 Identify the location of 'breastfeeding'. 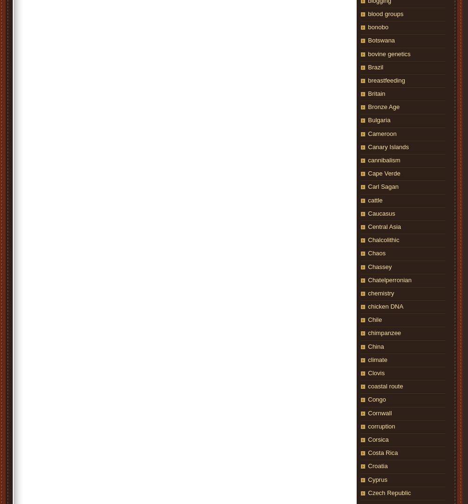
(386, 80).